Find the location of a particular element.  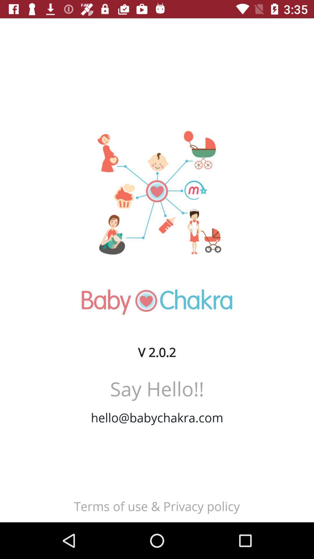

terms of use icon is located at coordinates (156, 506).